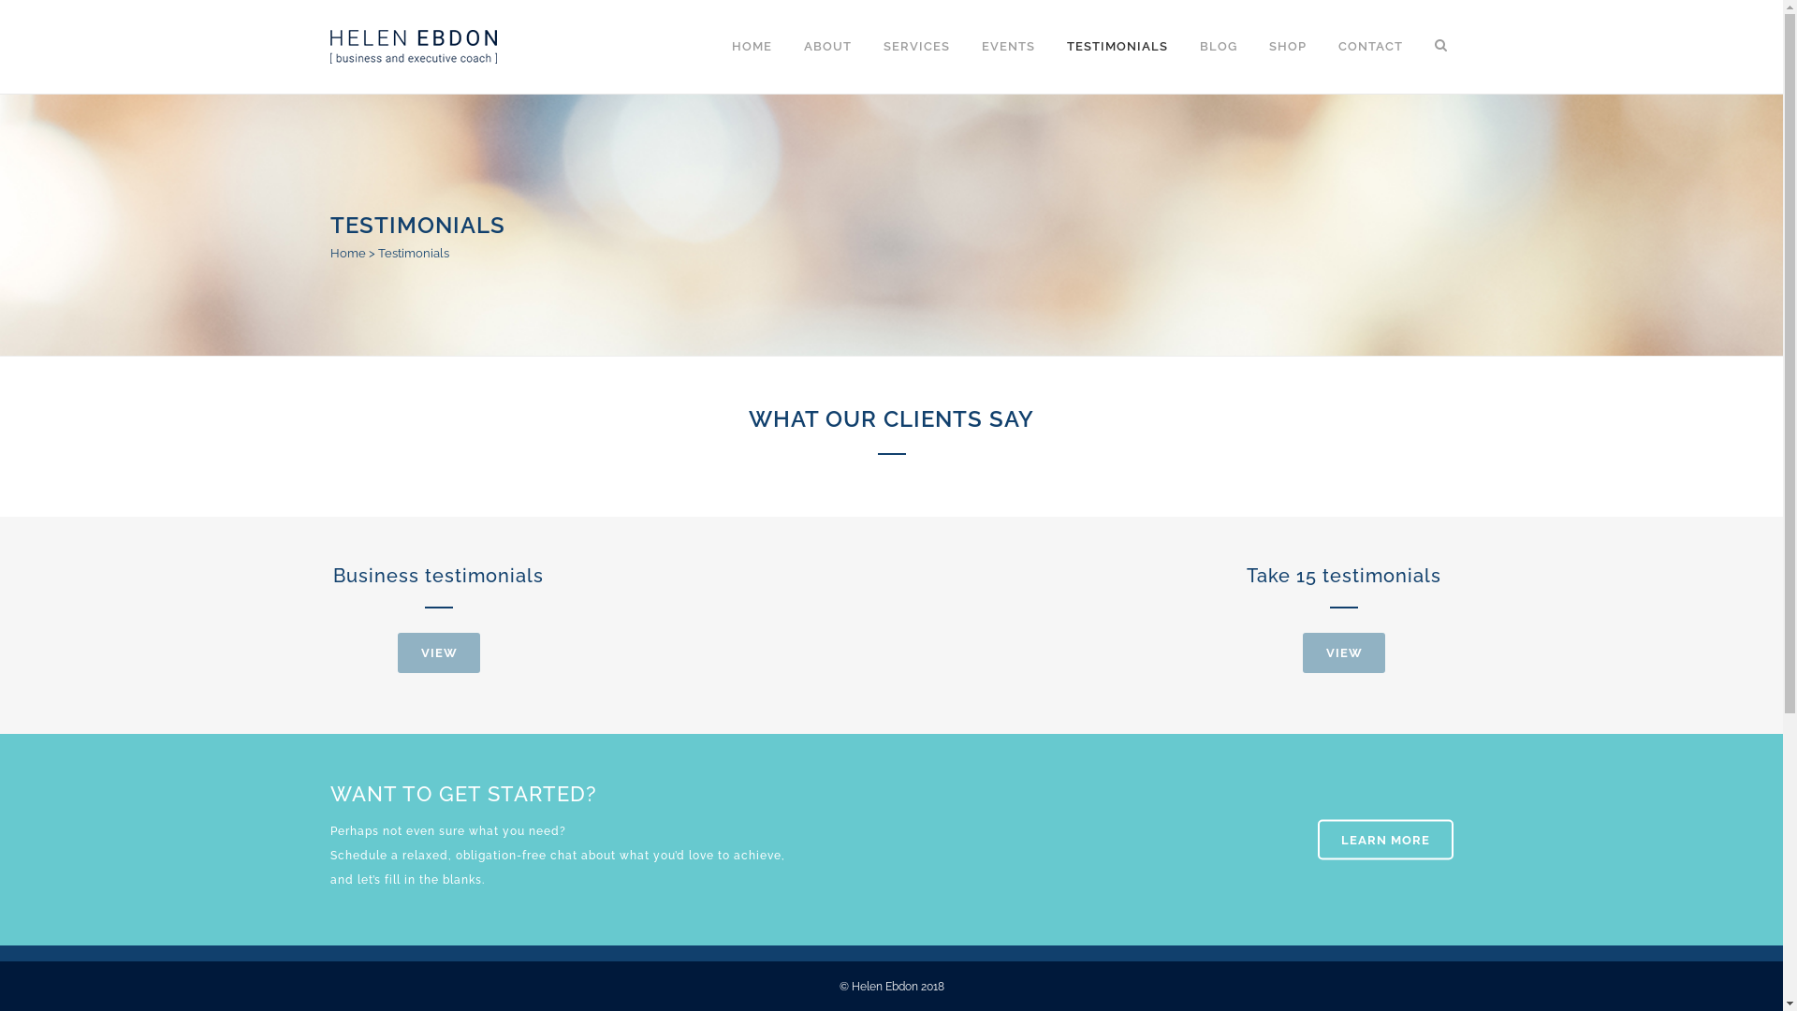 The image size is (1797, 1011). I want to click on 'Shop', so click(925, 803).